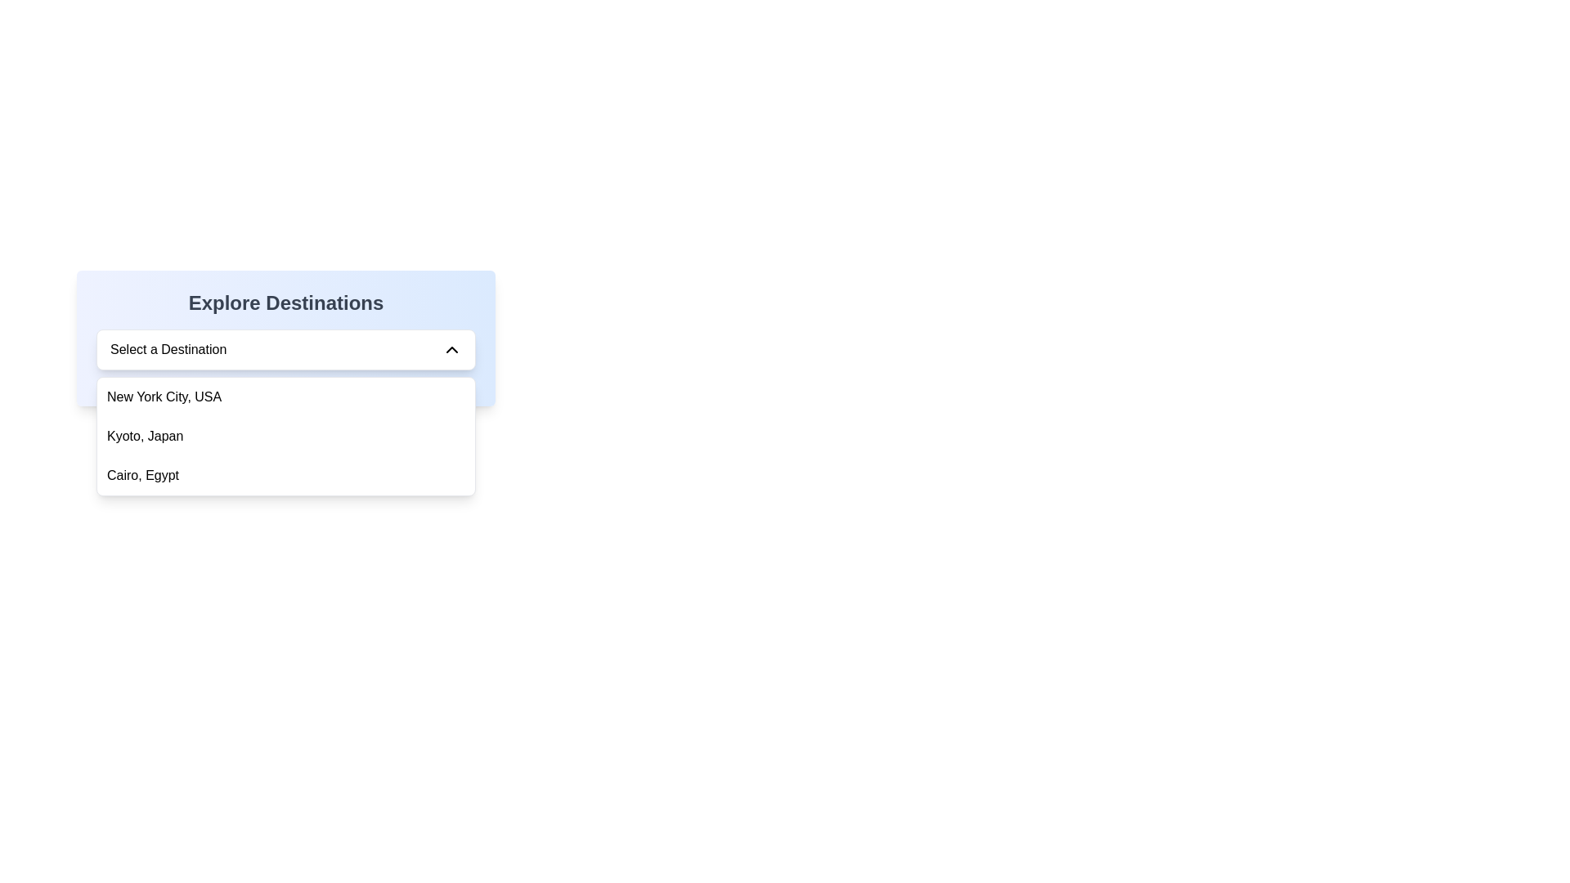 The image size is (1570, 883). What do you see at coordinates (286, 435) in the screenshot?
I see `the second item in the dropdown menu that sets 'Kyoto, Japan' as the destination` at bounding box center [286, 435].